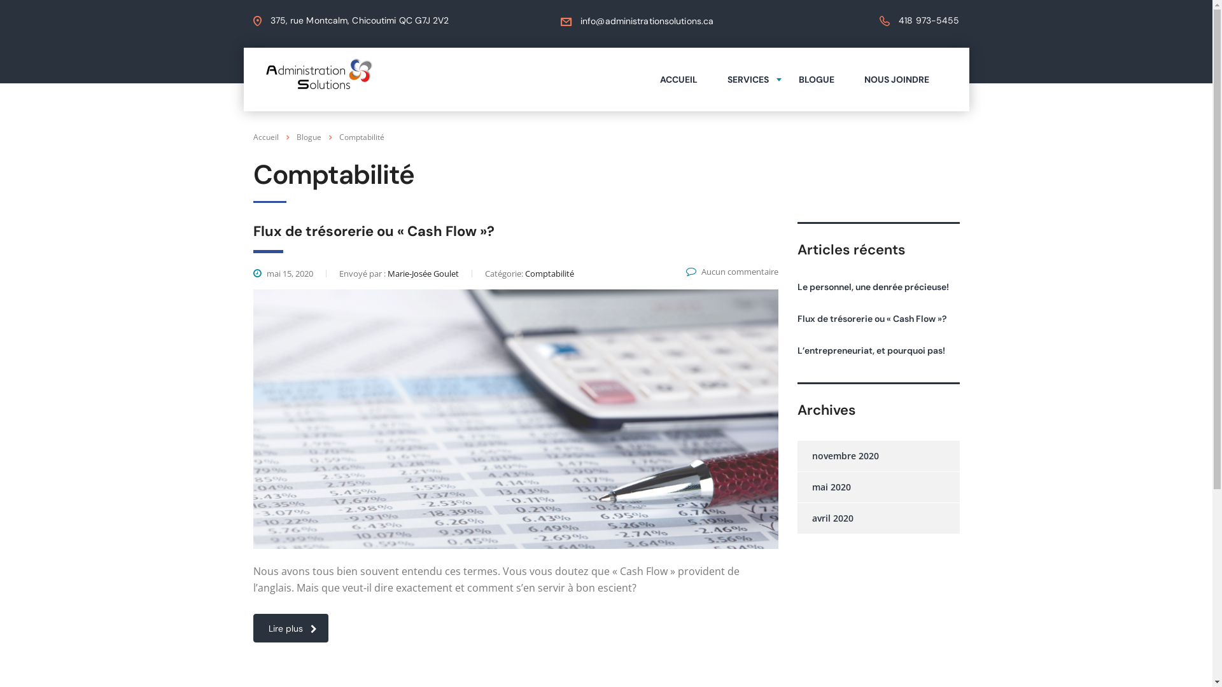 Image resolution: width=1222 pixels, height=687 pixels. Describe the element at coordinates (712, 79) in the screenshot. I see `'SERVICES'` at that location.